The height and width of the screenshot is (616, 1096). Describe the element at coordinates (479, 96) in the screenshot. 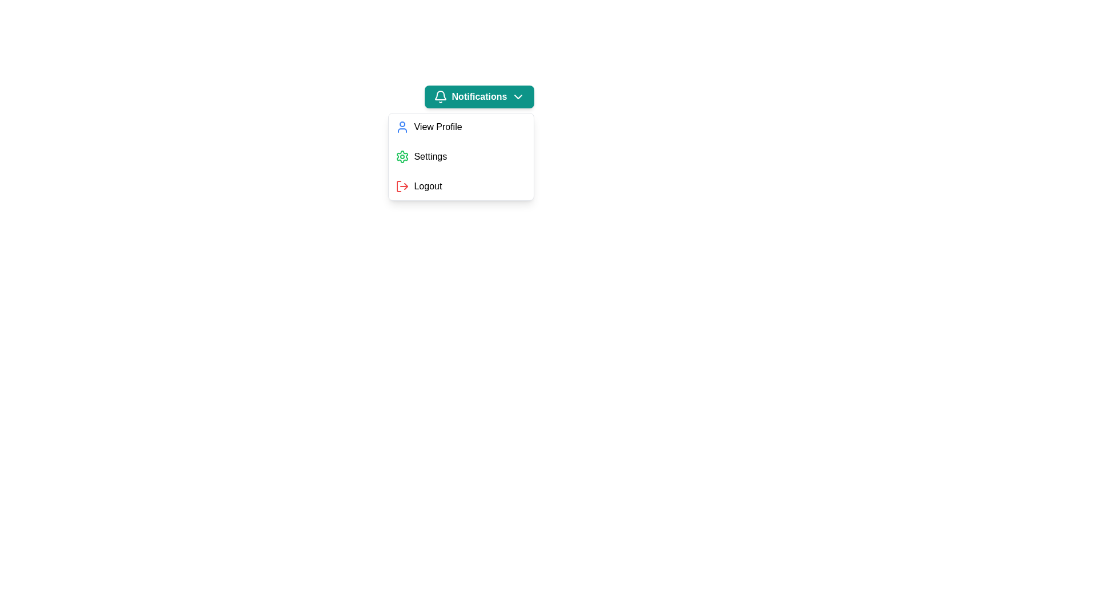

I see `the 'Notifications' button to toggle the menu visibility` at that location.